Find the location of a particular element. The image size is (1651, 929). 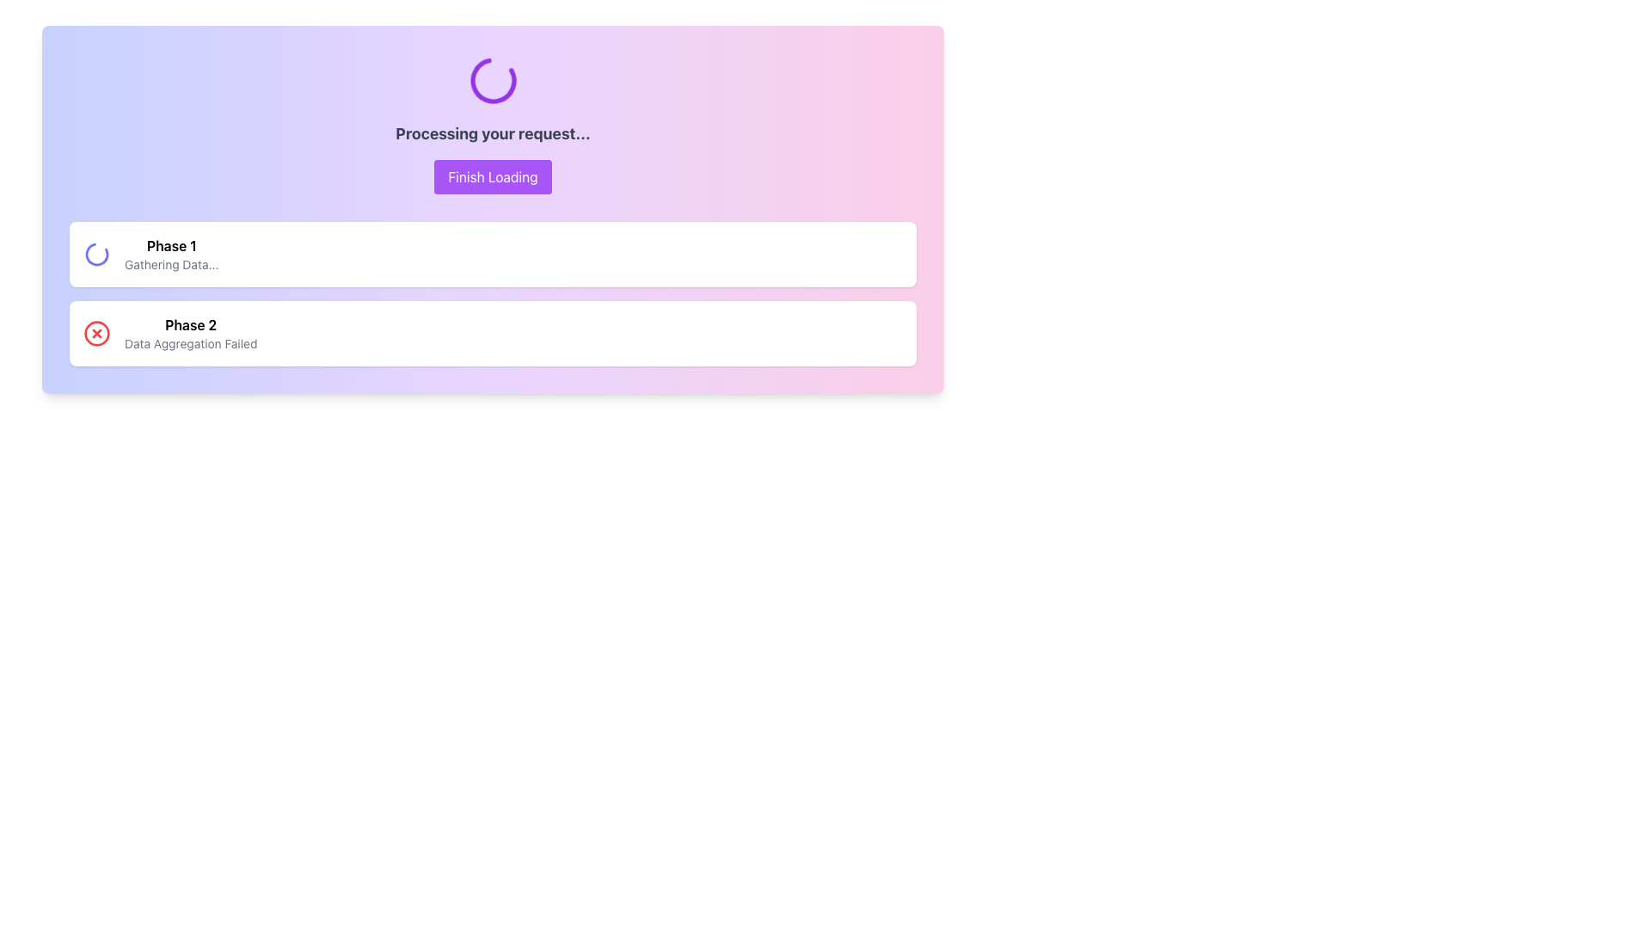

status update message displayed in the text label located below the animated circular spinner and above the 'Finish Loading' button is located at coordinates (492, 132).